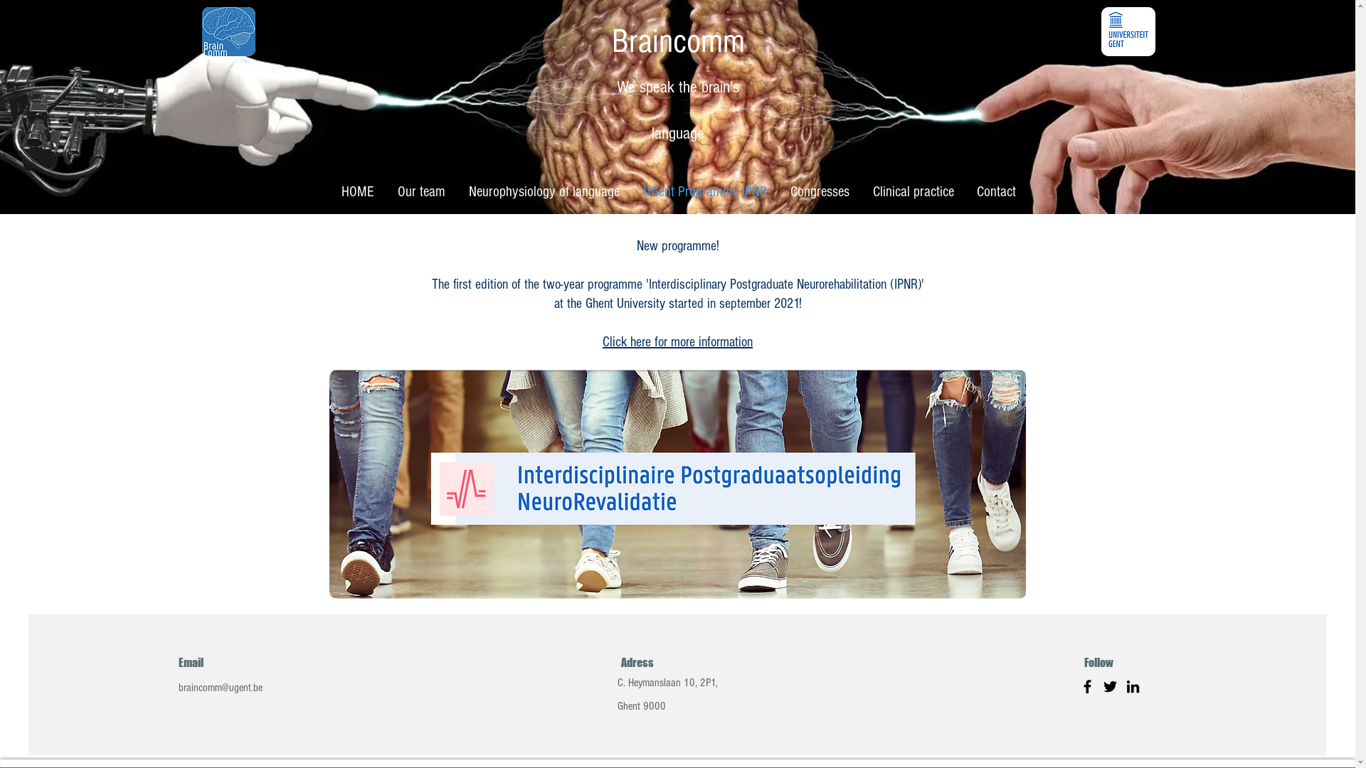 This screenshot has width=1366, height=768. What do you see at coordinates (996, 192) in the screenshot?
I see `'Contact'` at bounding box center [996, 192].